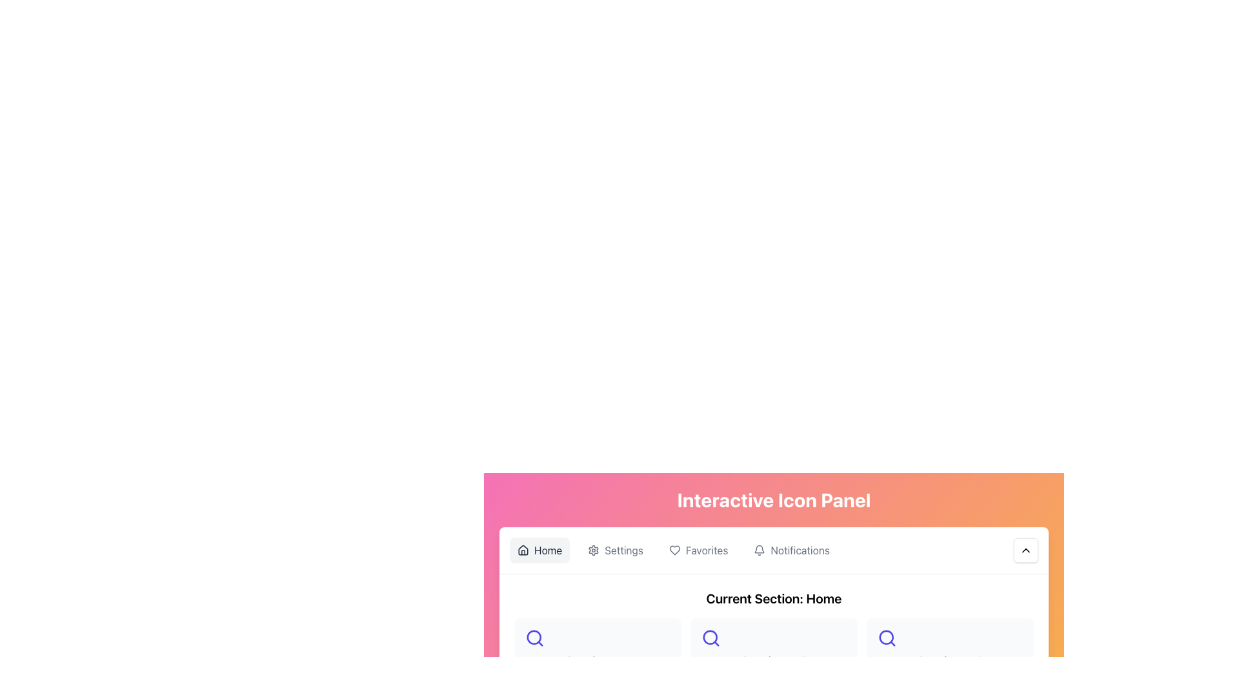 This screenshot has height=697, width=1239. I want to click on the minimalistic 'House' icon SVG located at the top left corner of the menu bar, adjacent to the 'Home' text label, as a section decoration, so click(523, 550).